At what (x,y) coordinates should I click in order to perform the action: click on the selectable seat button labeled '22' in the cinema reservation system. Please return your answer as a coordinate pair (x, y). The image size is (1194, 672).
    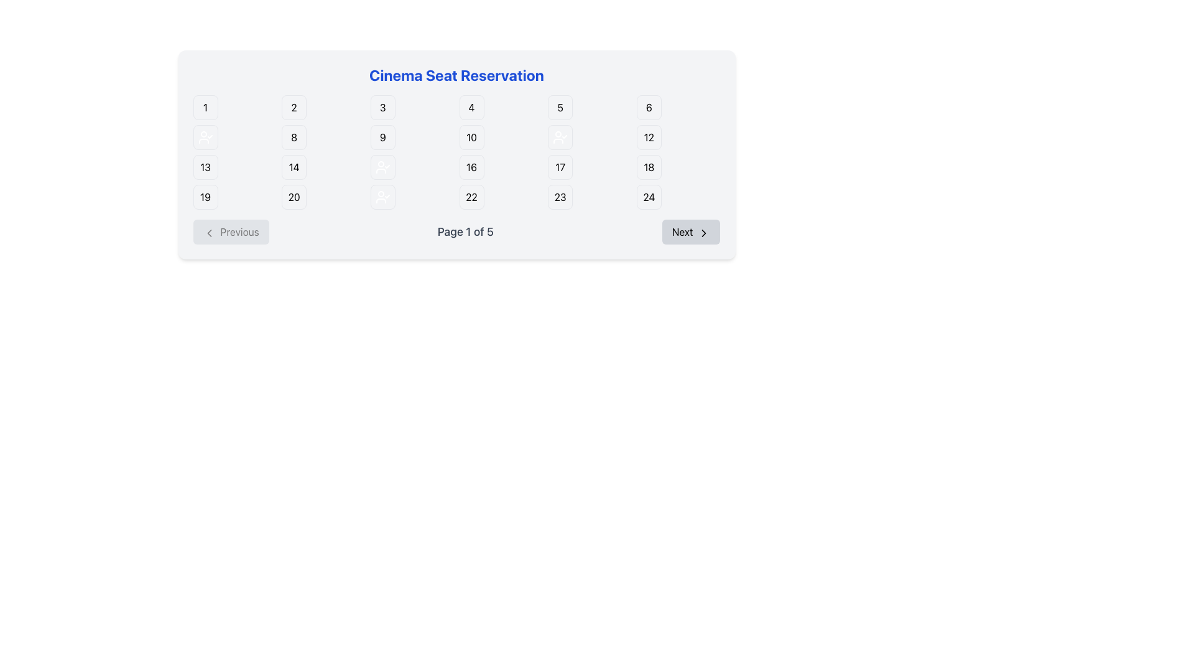
    Looking at the image, I should click on (471, 196).